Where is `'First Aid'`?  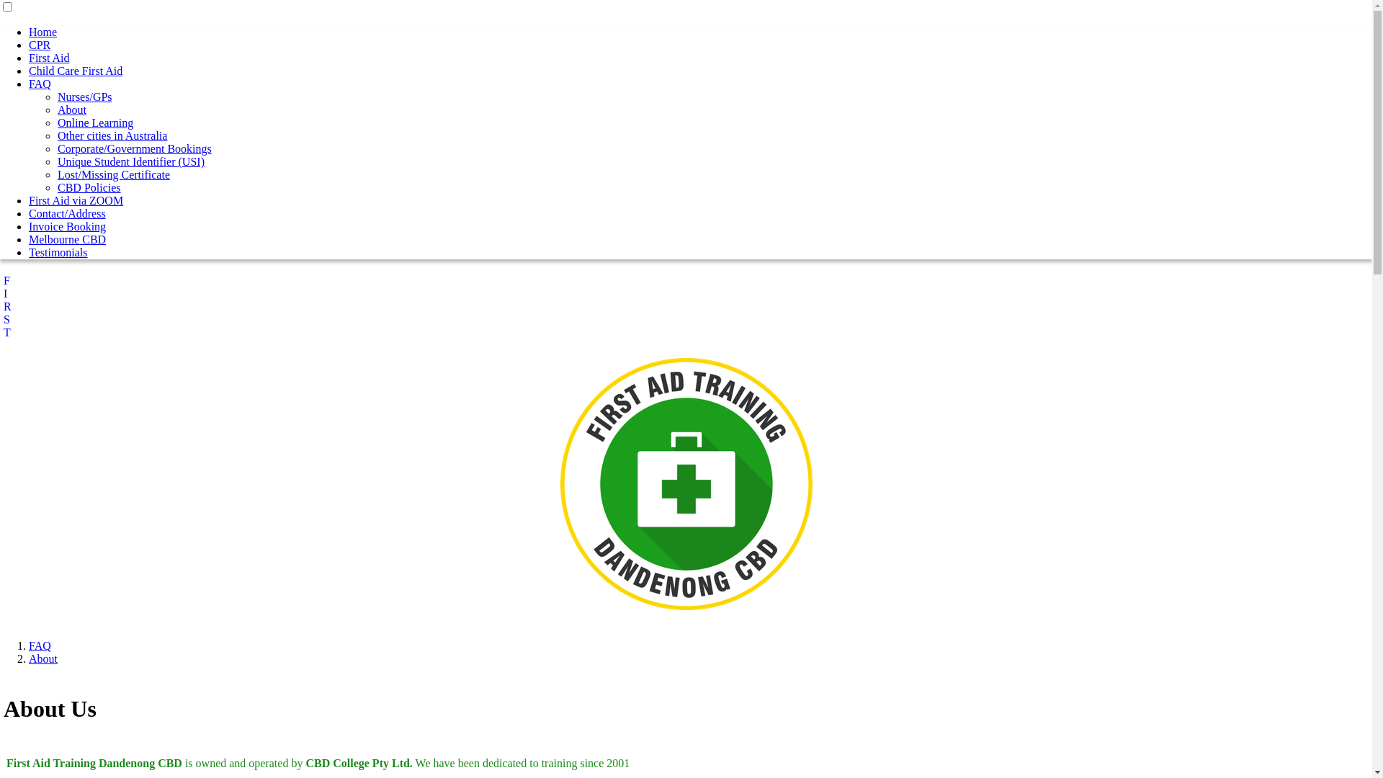
'First Aid' is located at coordinates (48, 57).